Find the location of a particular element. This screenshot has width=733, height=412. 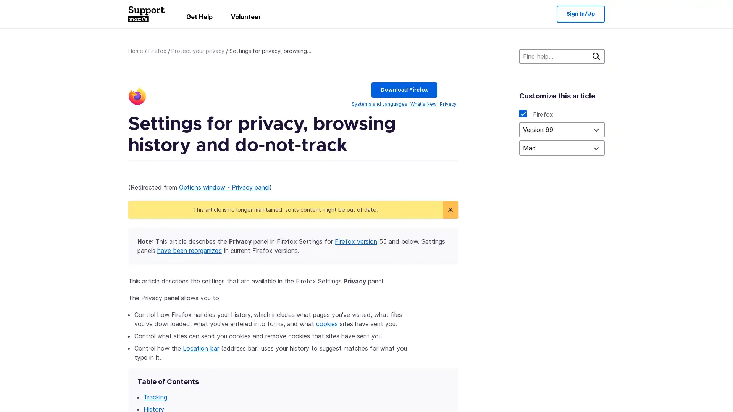

Search is located at coordinates (596, 56).